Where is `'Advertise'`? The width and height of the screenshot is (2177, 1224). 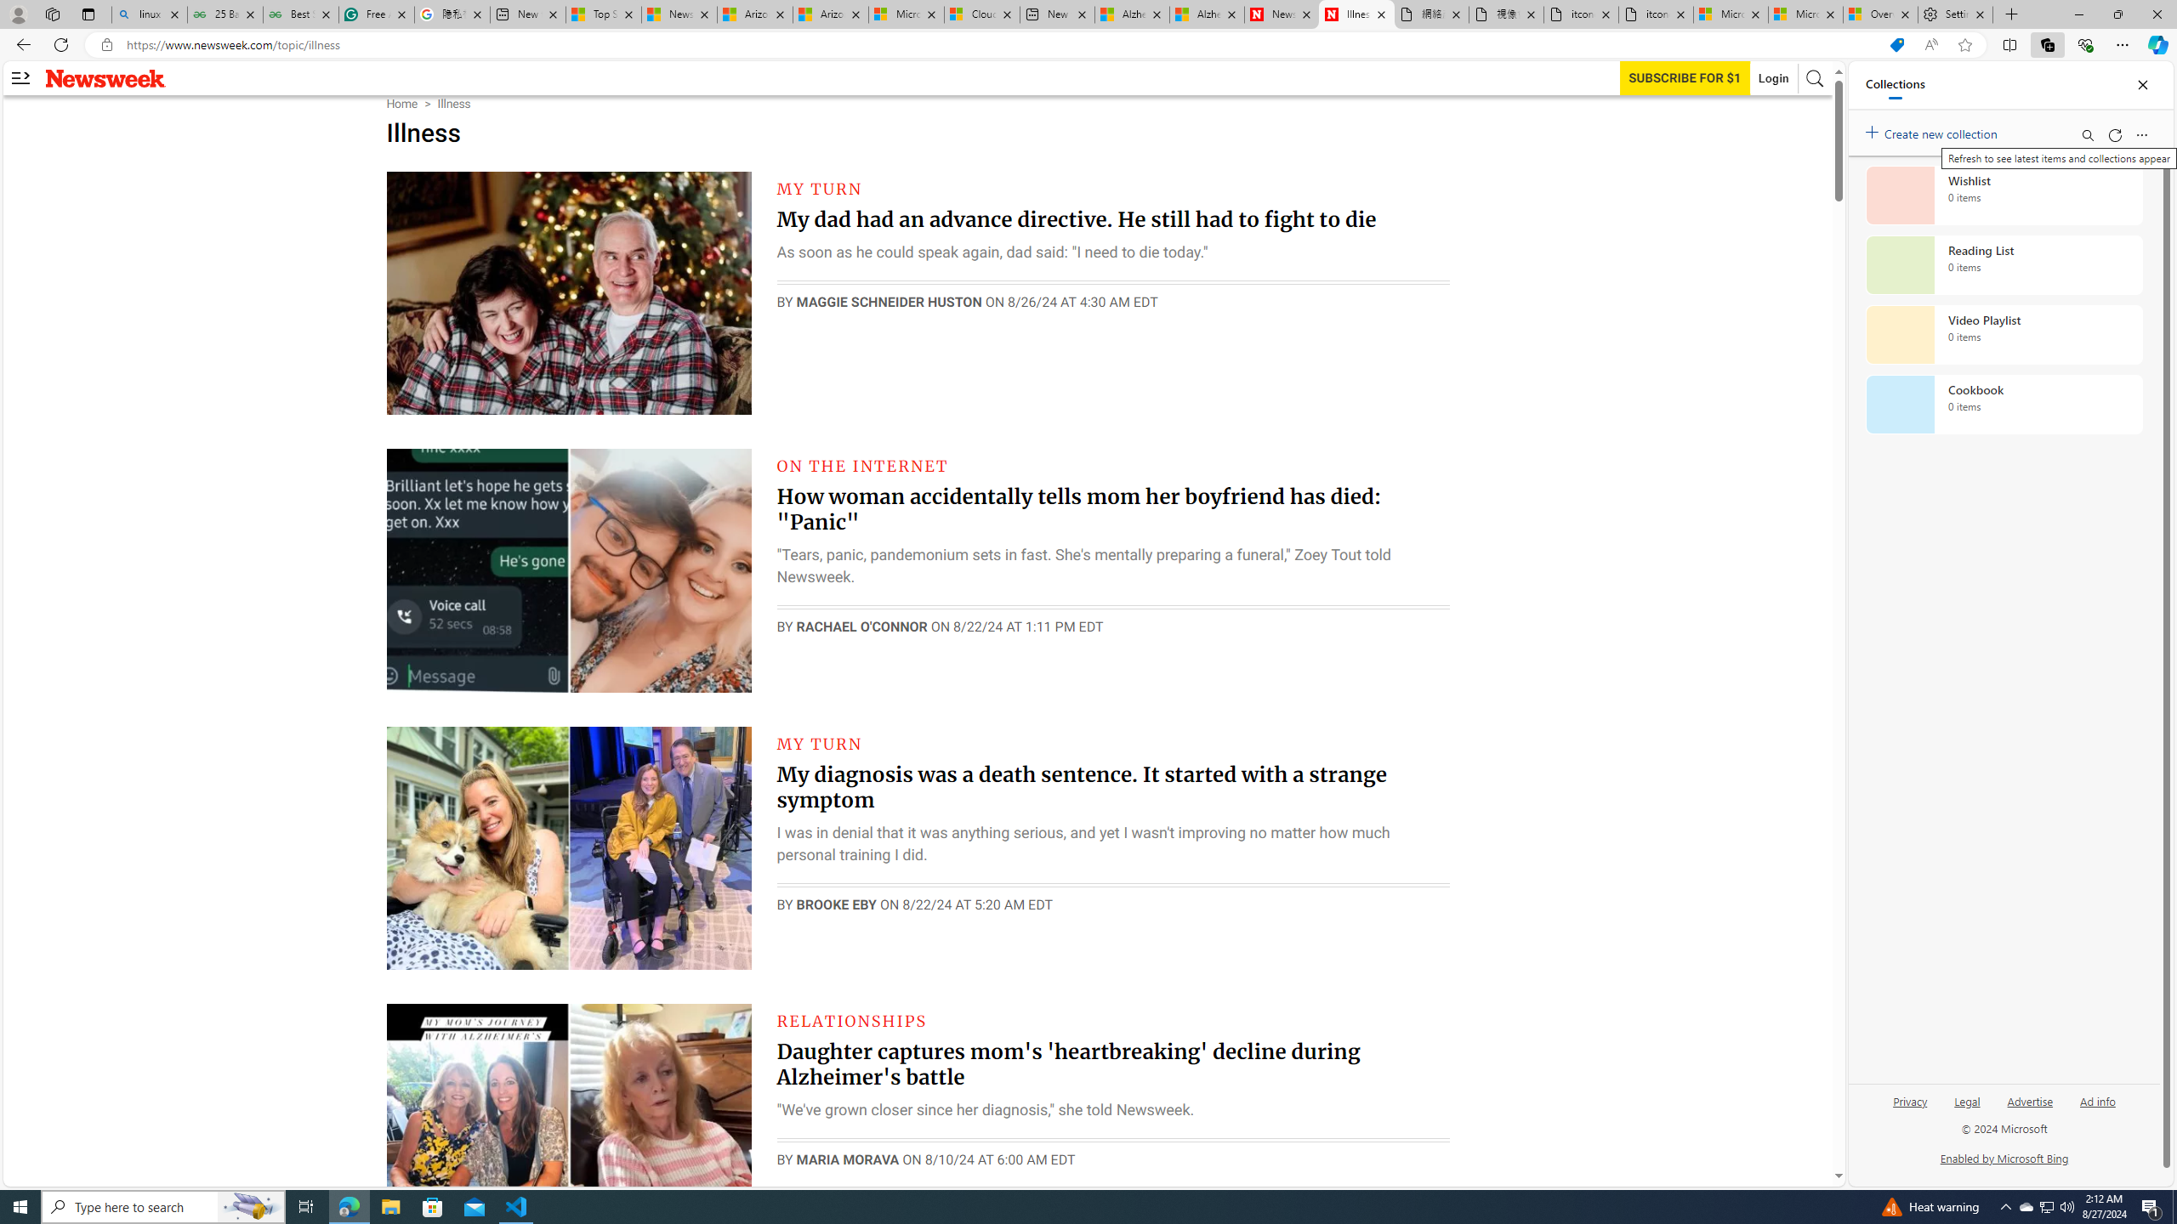
'Advertise' is located at coordinates (2029, 1100).